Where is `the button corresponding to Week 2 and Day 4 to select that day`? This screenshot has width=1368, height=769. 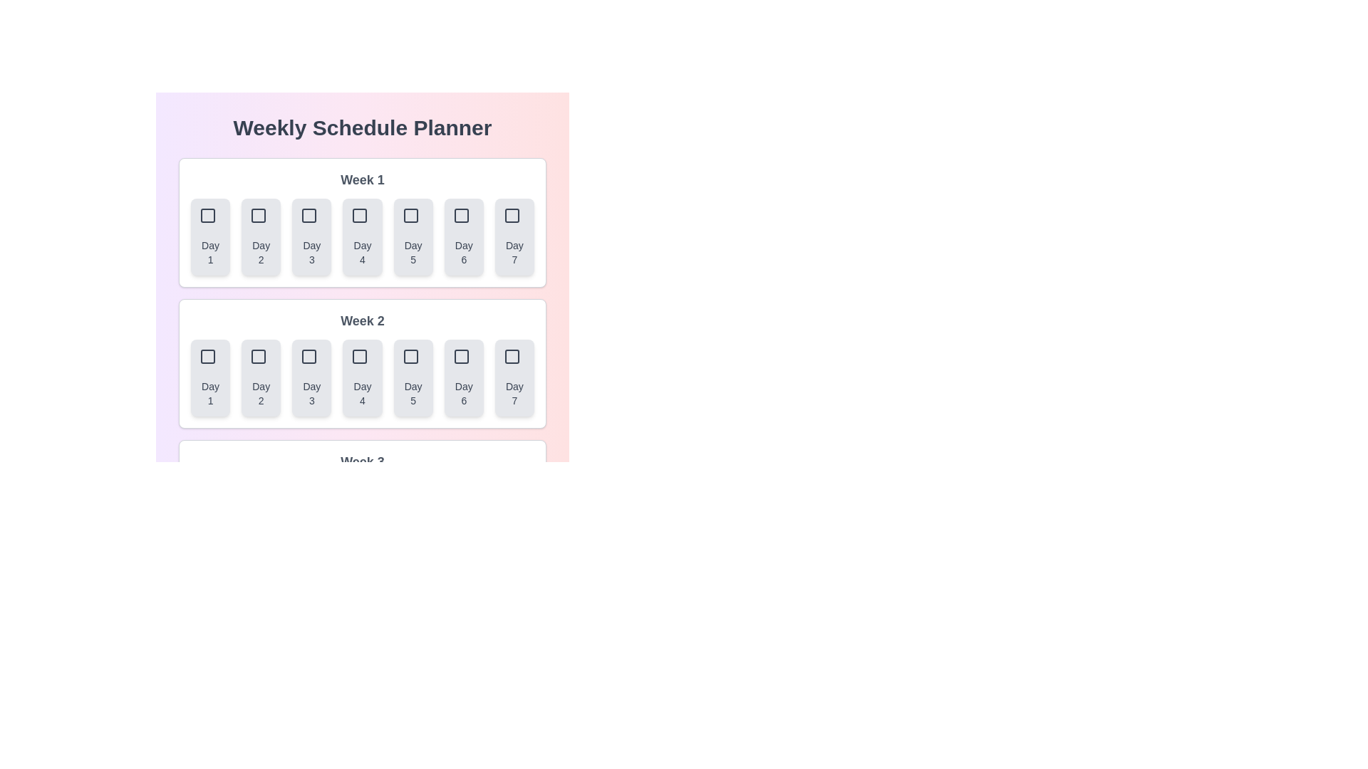 the button corresponding to Week 2 and Day 4 to select that day is located at coordinates (362, 377).